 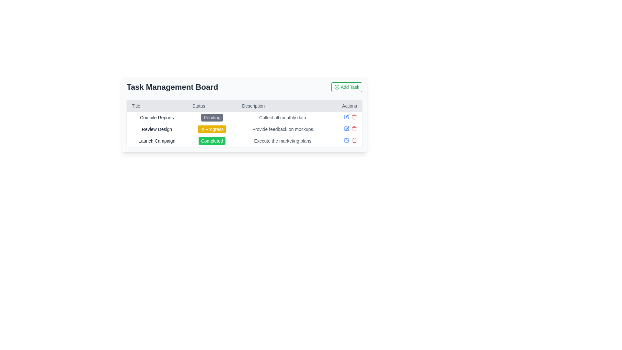 I want to click on the static text label saying 'Compile Reports' located in the first row under the 'Title' column of the 'Task Management Board', so click(x=157, y=117).